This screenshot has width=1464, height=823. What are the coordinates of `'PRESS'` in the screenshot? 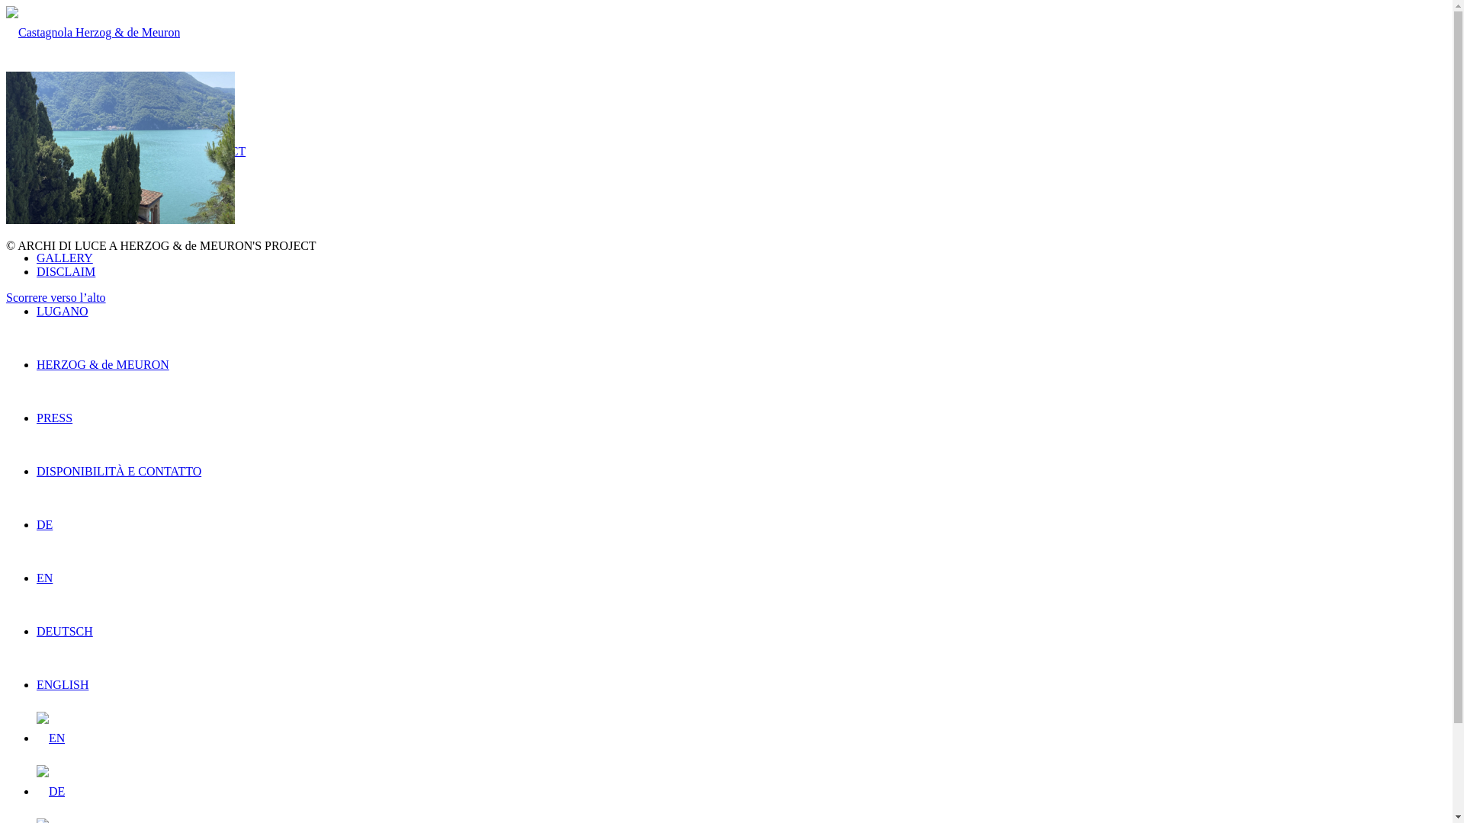 It's located at (54, 418).